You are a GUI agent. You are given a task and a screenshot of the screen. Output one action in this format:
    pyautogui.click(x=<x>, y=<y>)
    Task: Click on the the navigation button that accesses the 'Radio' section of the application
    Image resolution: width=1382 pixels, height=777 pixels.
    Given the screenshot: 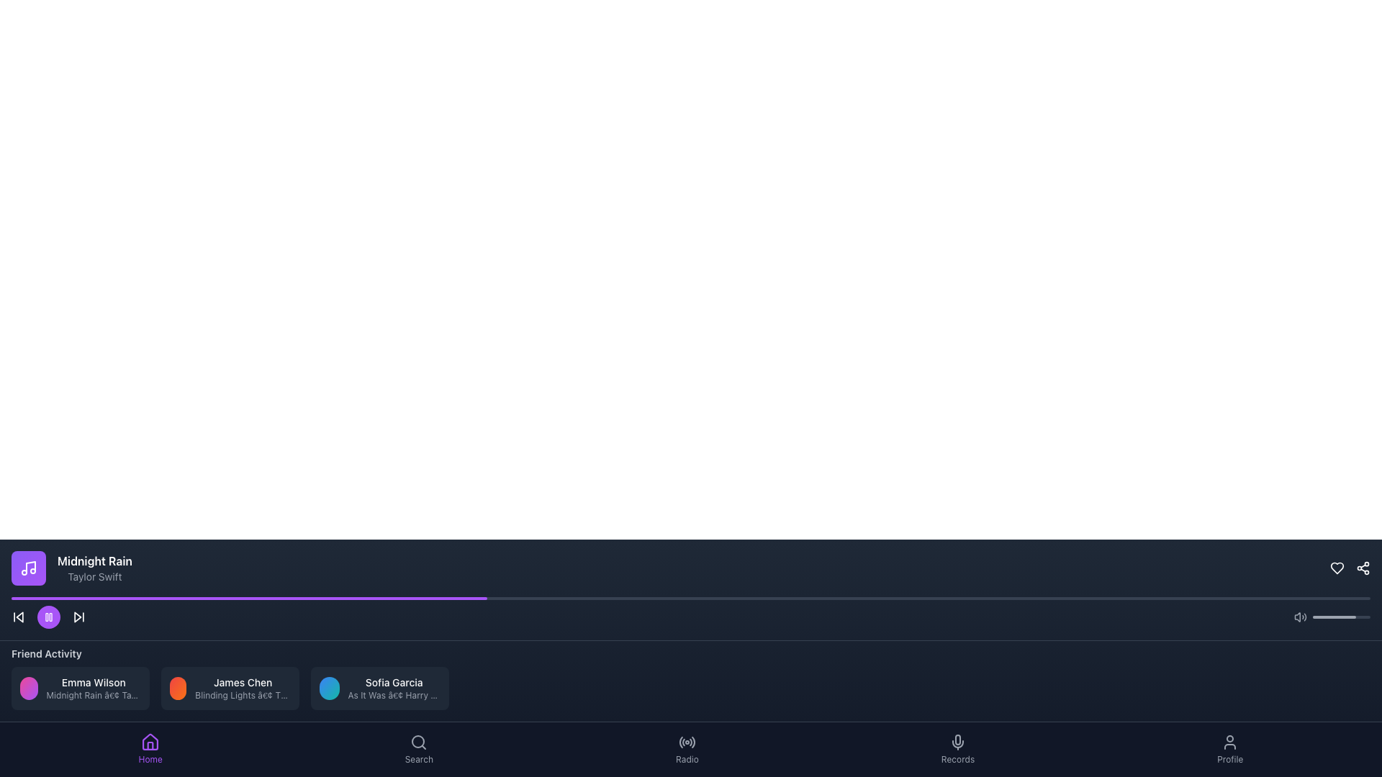 What is the action you would take?
    pyautogui.click(x=686, y=748)
    